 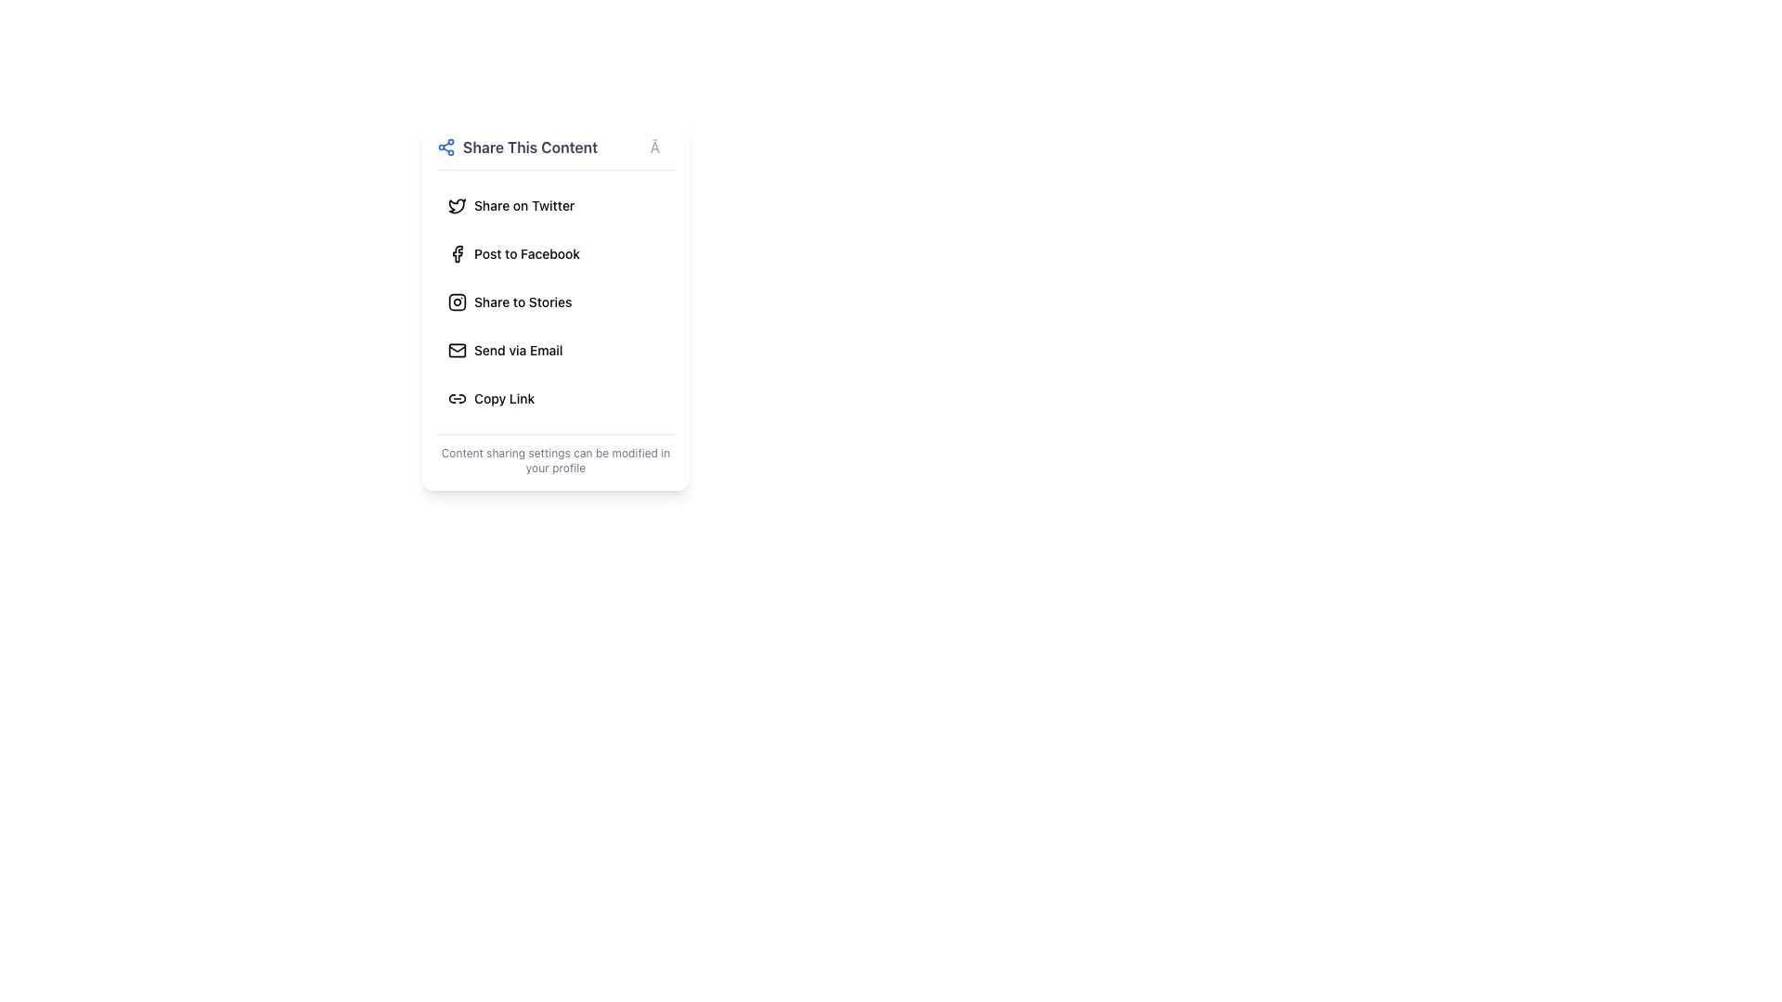 I want to click on text label 'Share on Twitter' which is located within the first item of the sharing options list, so click(x=523, y=206).